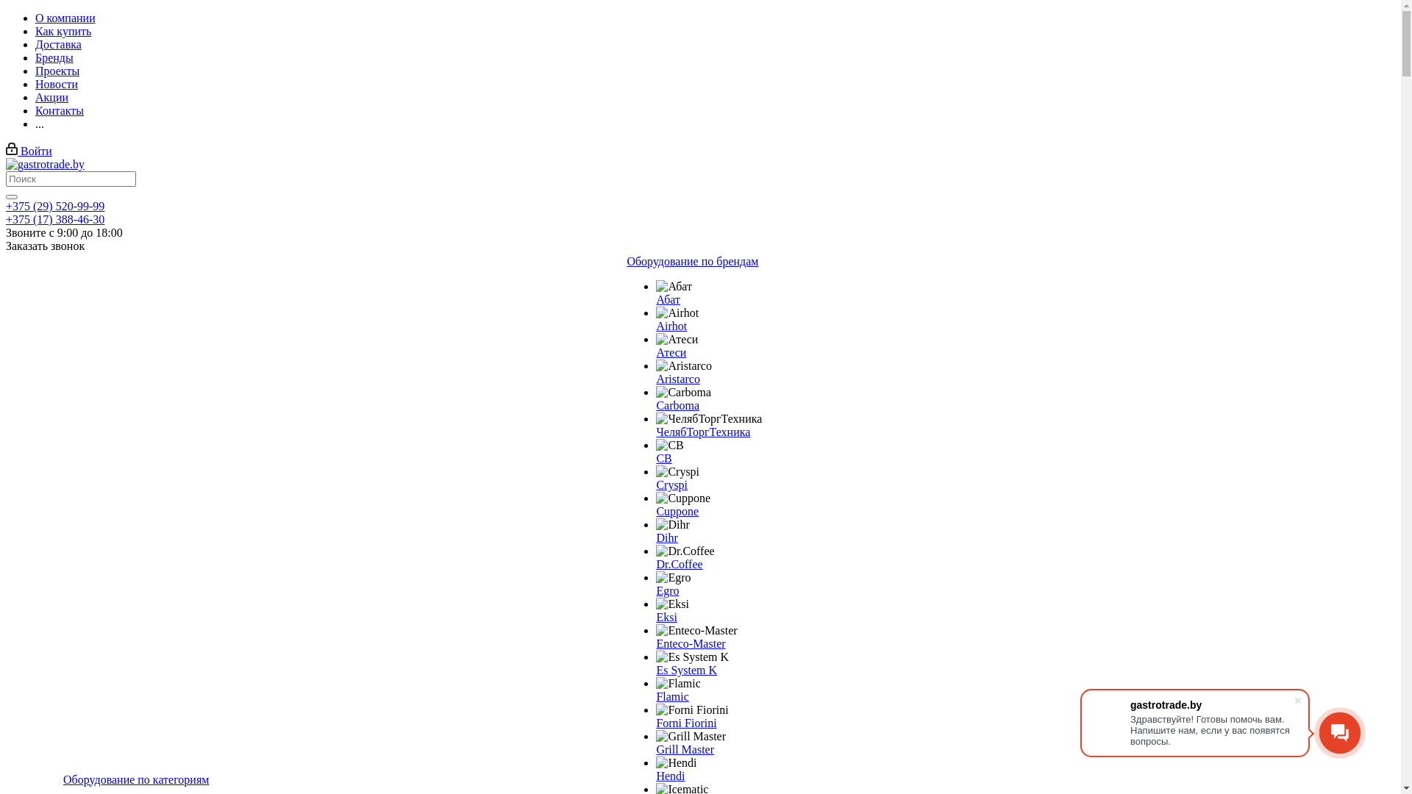 Image resolution: width=1412 pixels, height=794 pixels. I want to click on 'Grill Master', so click(690, 737).